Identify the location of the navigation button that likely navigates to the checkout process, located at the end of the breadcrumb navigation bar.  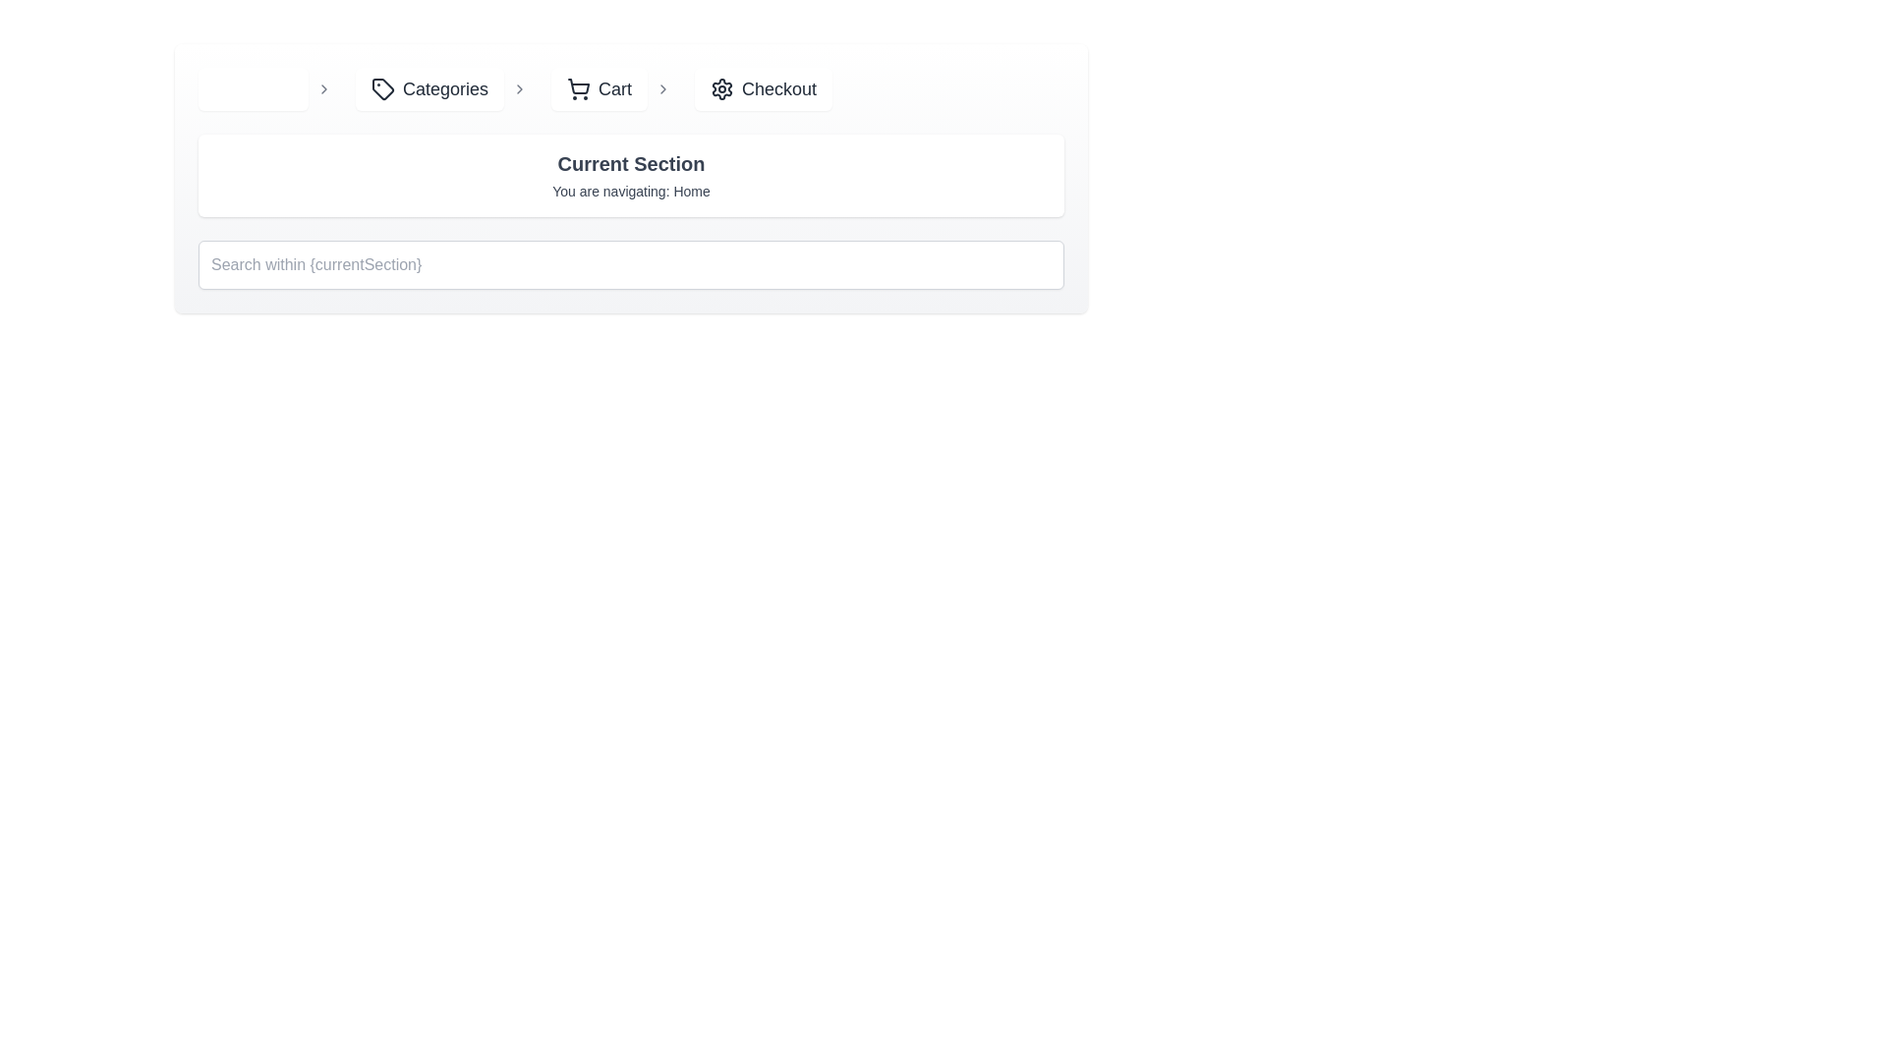
(763, 89).